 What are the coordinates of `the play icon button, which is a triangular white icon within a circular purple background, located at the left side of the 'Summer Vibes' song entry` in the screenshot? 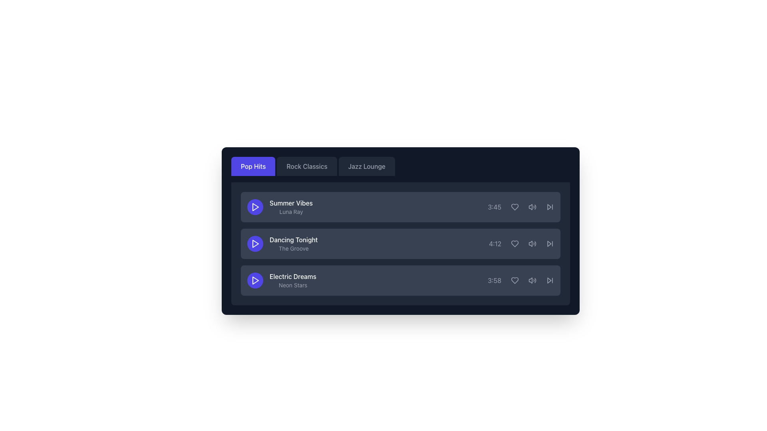 It's located at (254, 207).